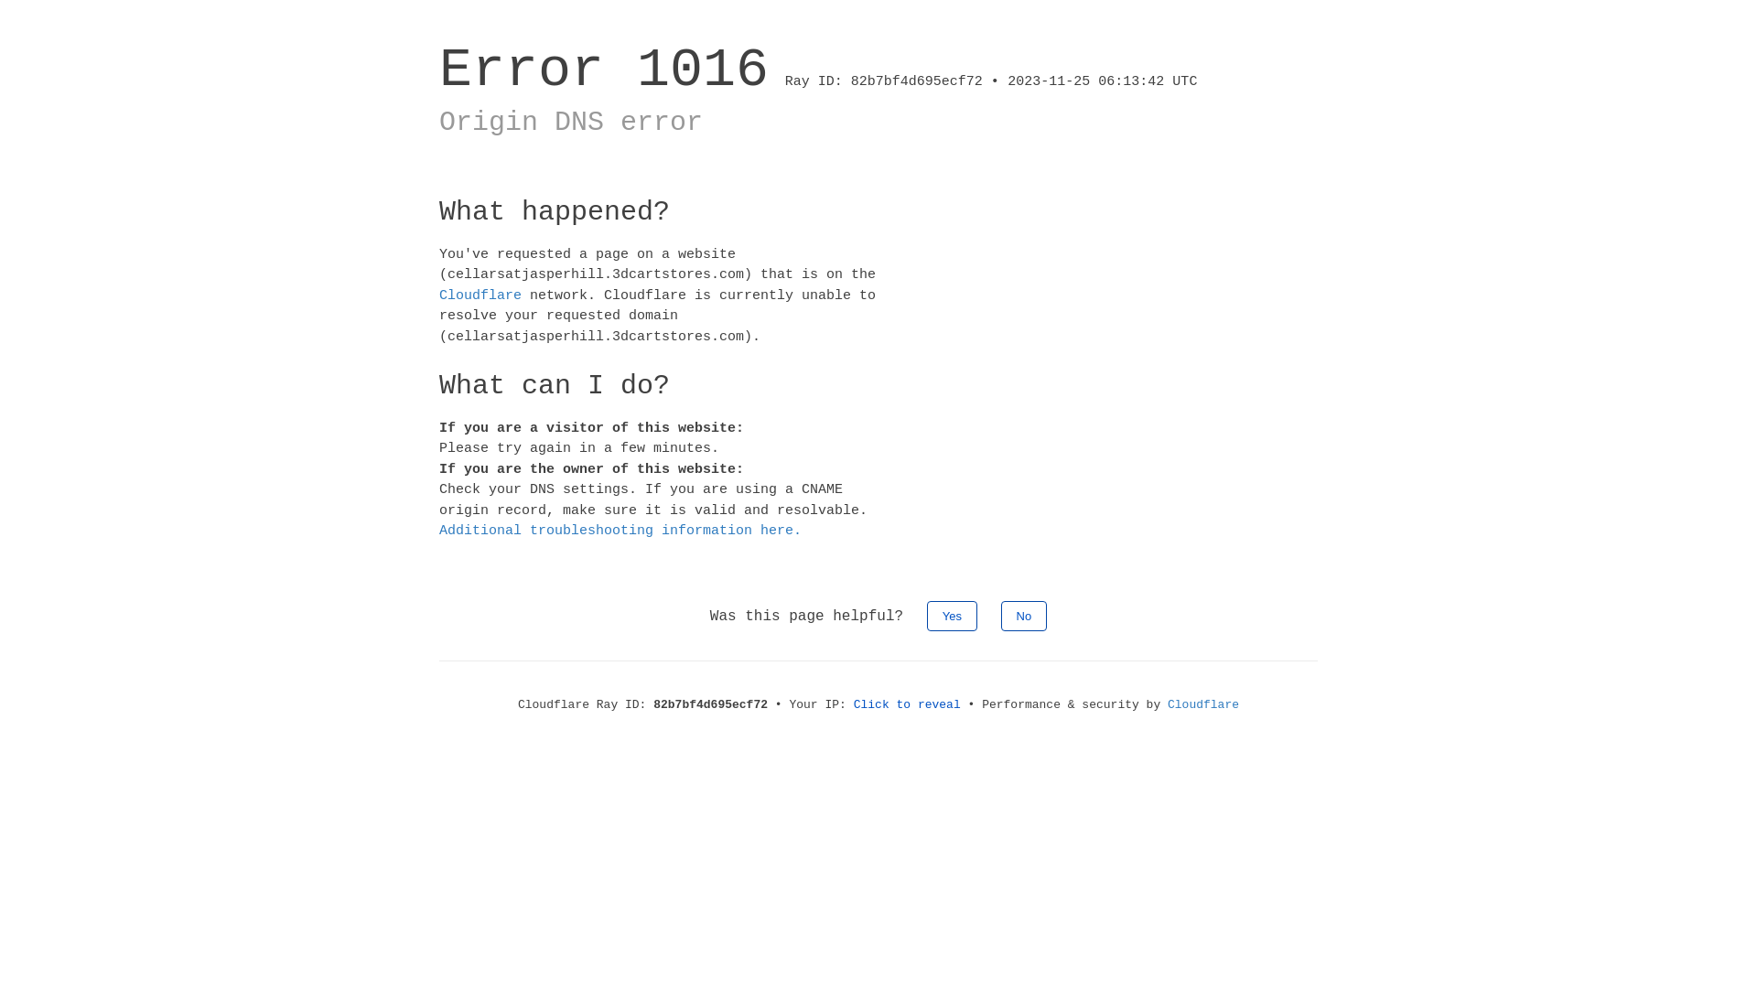  What do you see at coordinates (926, 615) in the screenshot?
I see `'Yes'` at bounding box center [926, 615].